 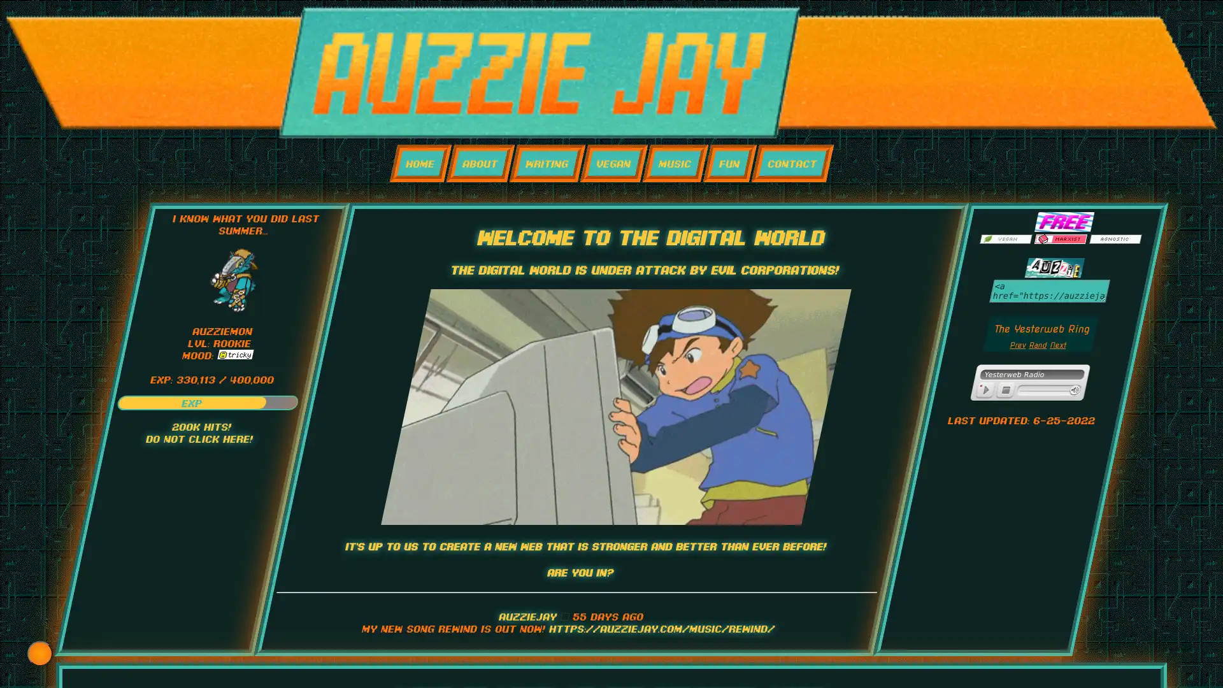 I want to click on ABOUT, so click(x=479, y=162).